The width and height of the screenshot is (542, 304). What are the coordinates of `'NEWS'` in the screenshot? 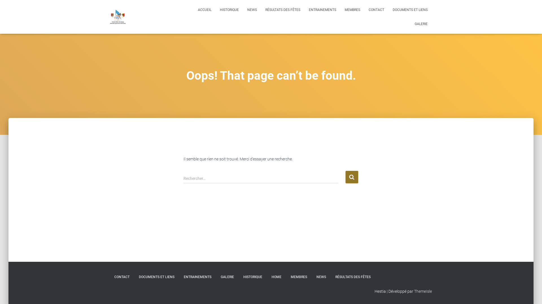 It's located at (321, 277).